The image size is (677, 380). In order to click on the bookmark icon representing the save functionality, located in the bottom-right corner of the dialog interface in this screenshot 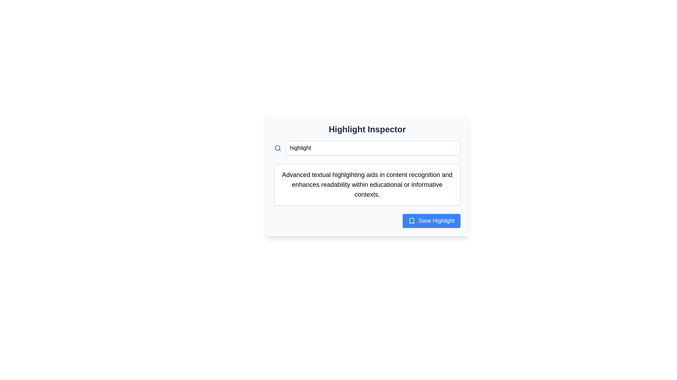, I will do `click(412, 221)`.